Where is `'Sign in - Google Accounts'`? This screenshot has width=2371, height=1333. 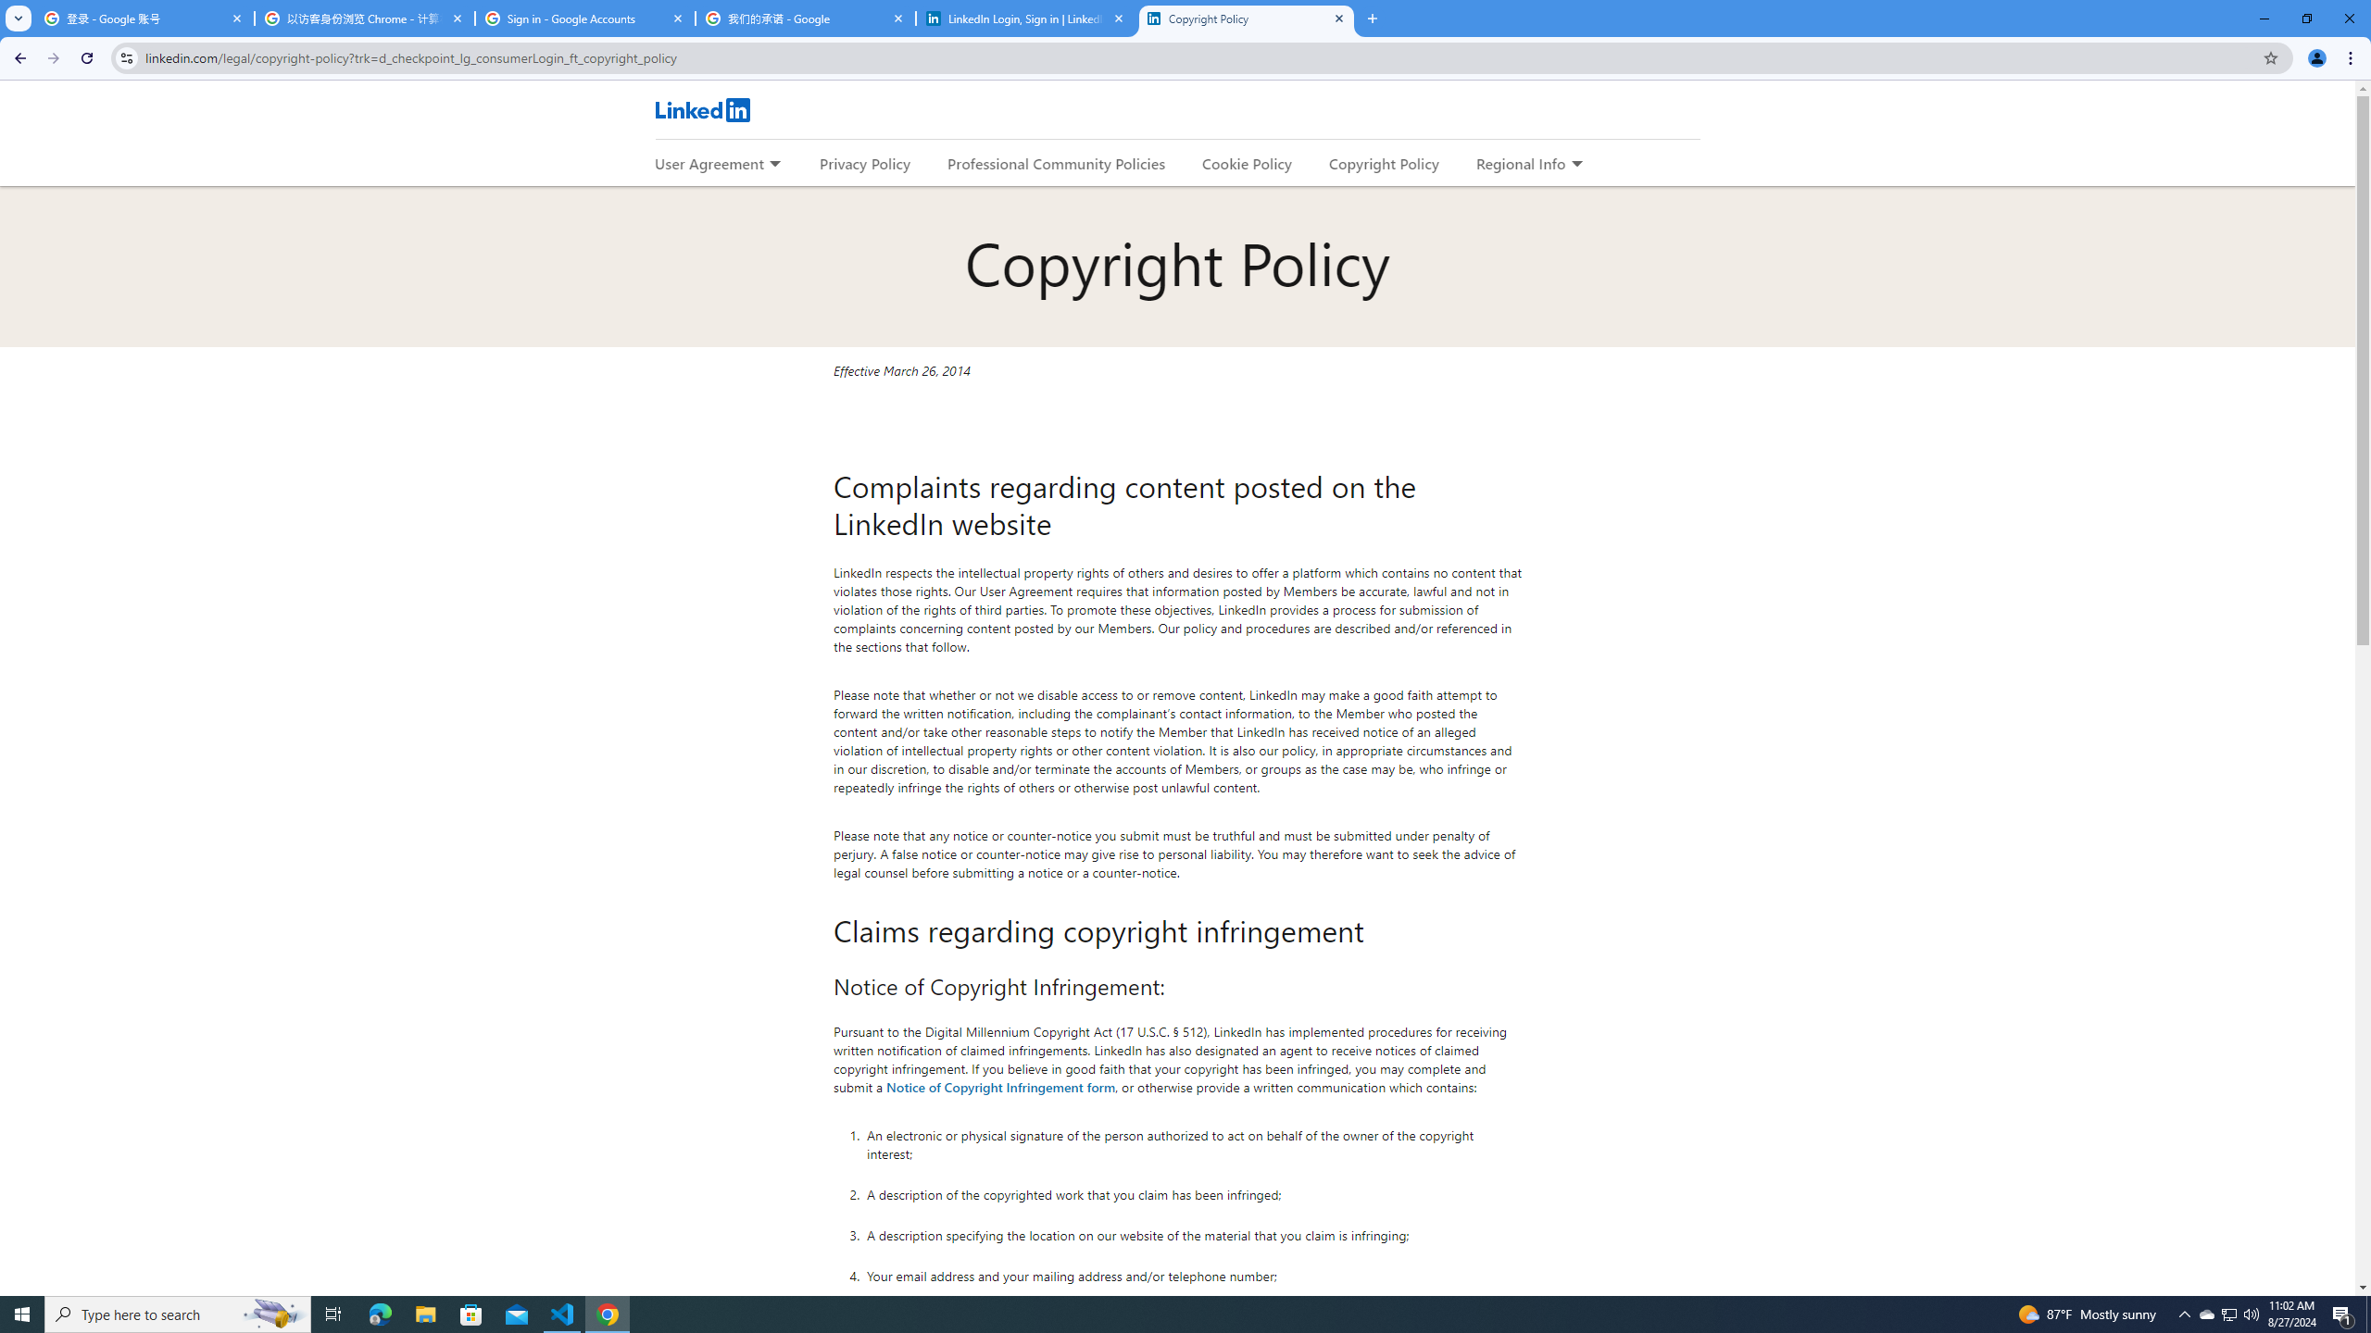
'Sign in - Google Accounts' is located at coordinates (584, 18).